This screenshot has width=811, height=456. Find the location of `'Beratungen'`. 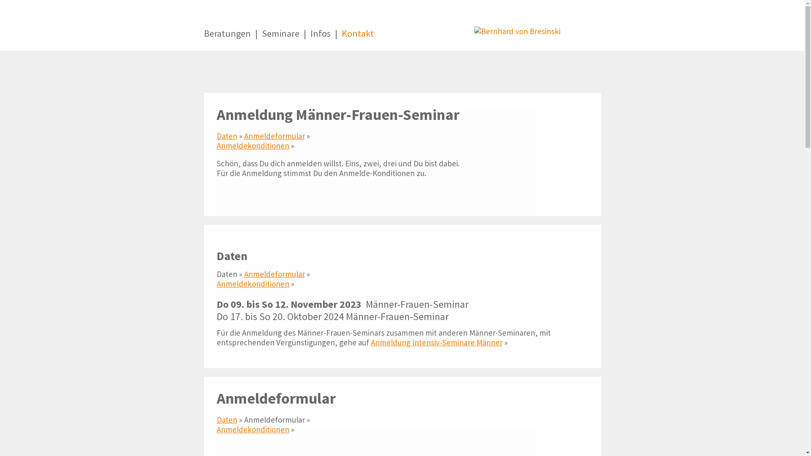

'Beratungen' is located at coordinates (227, 38).